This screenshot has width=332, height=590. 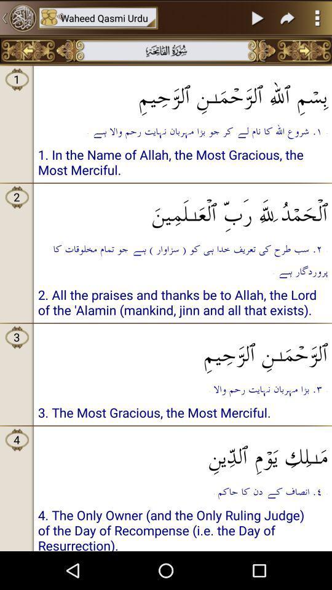 I want to click on go back, so click(x=28, y=50).